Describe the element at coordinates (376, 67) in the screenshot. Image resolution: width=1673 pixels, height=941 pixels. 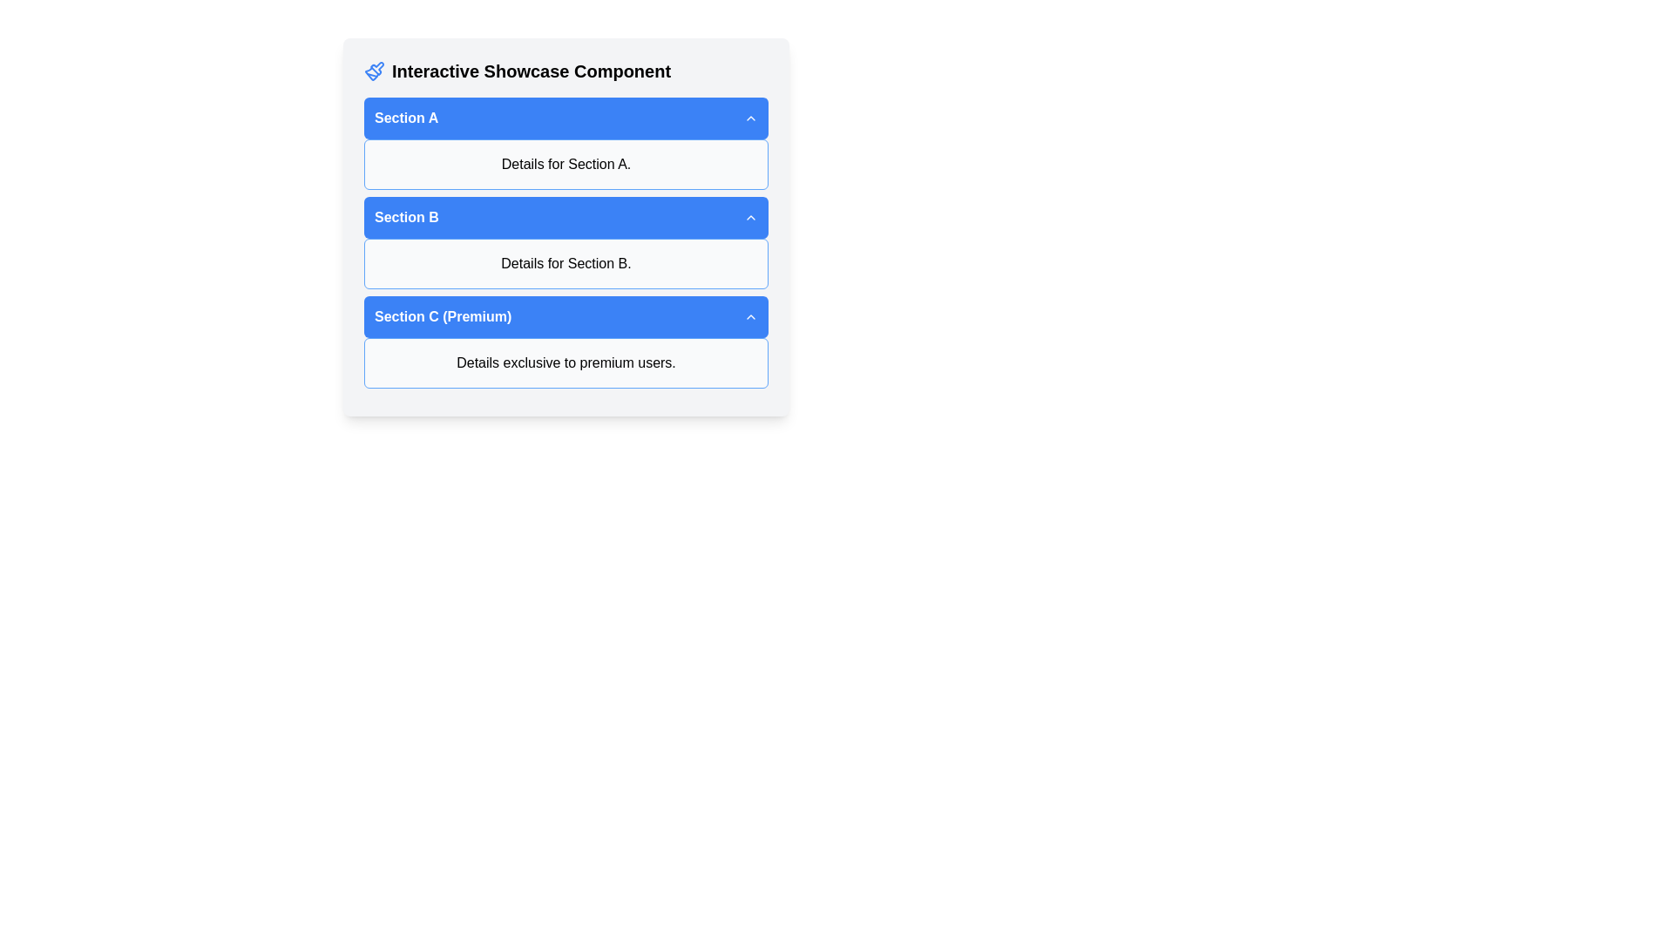
I see `the stylized loop segment of the blue paintbrush icon within the SVG component, located near the top-left corner of the interface` at that location.